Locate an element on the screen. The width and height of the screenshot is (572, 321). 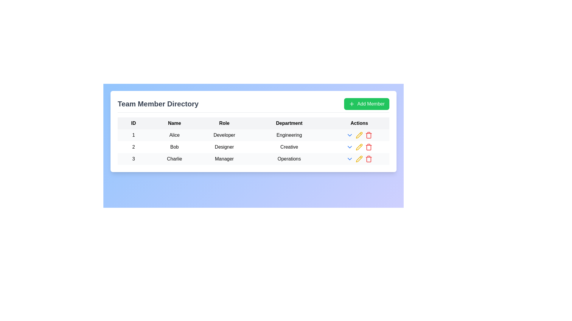
the pencil icon button used for editing actions, located in the Actions column of the second row of the table, positioned between a blue downward arrow and a red trash can icon is located at coordinates (359, 147).